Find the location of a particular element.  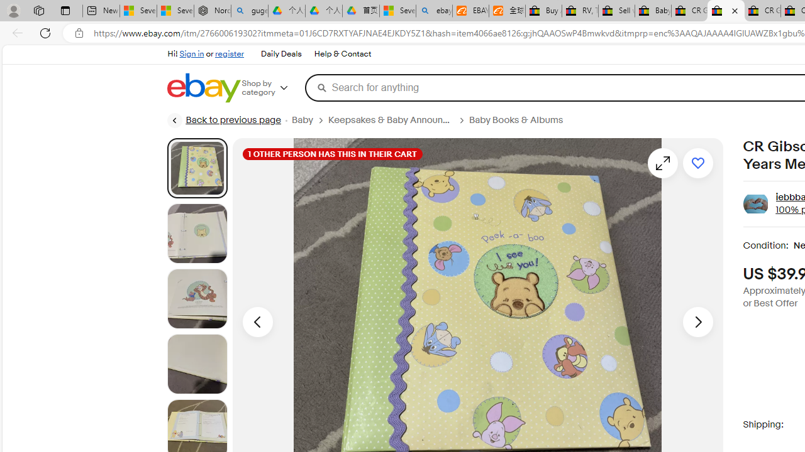

'Add to watchlist' is located at coordinates (697, 162).